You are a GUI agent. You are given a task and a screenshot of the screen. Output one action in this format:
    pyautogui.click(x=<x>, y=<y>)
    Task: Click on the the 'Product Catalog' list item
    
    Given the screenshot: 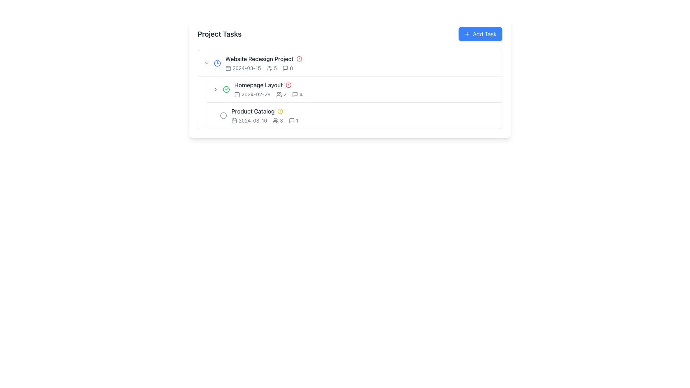 What is the action you would take?
    pyautogui.click(x=364, y=115)
    